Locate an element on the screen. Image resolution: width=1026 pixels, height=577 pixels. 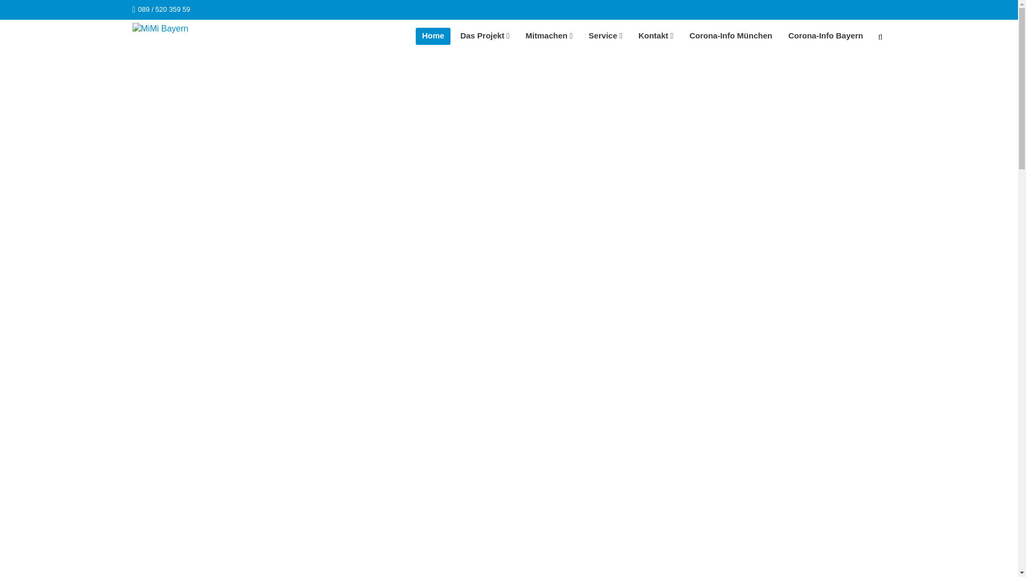
'Corona-Info Bayern' is located at coordinates (825, 36).